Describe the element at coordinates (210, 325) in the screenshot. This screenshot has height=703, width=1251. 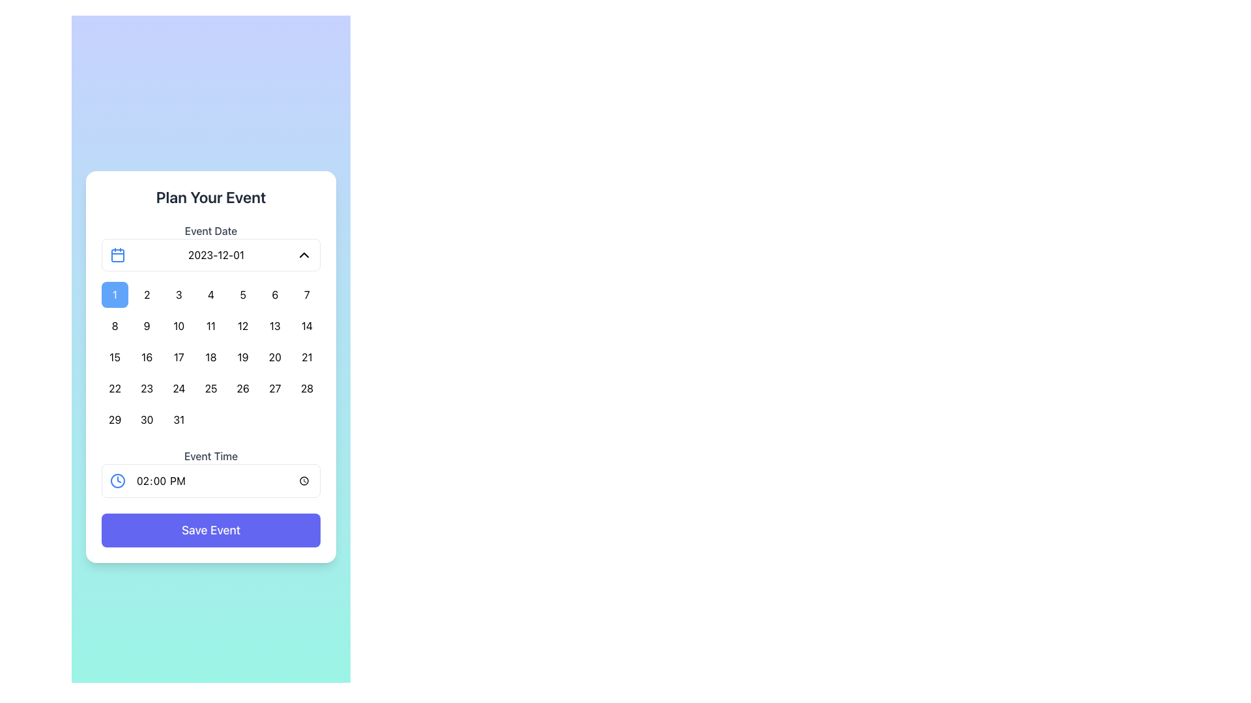
I see `the button representing the 11th day of the month in the calendar view` at that location.